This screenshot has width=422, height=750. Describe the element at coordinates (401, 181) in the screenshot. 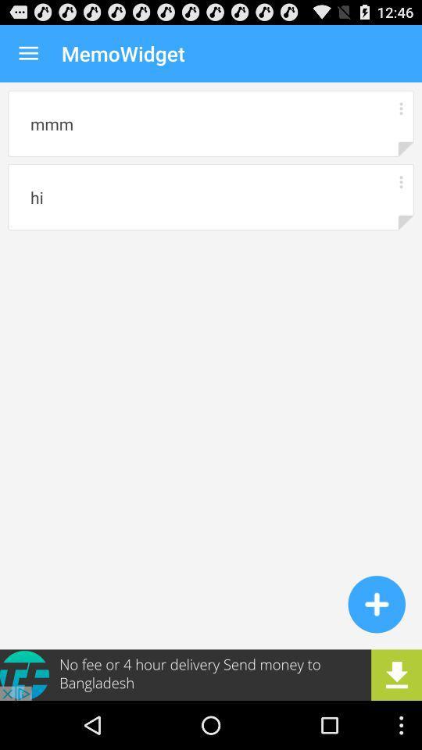

I see `options` at that location.